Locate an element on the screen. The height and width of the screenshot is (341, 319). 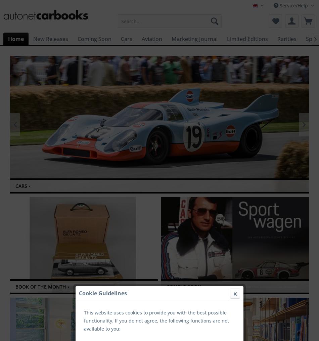
'Home' is located at coordinates (16, 38).